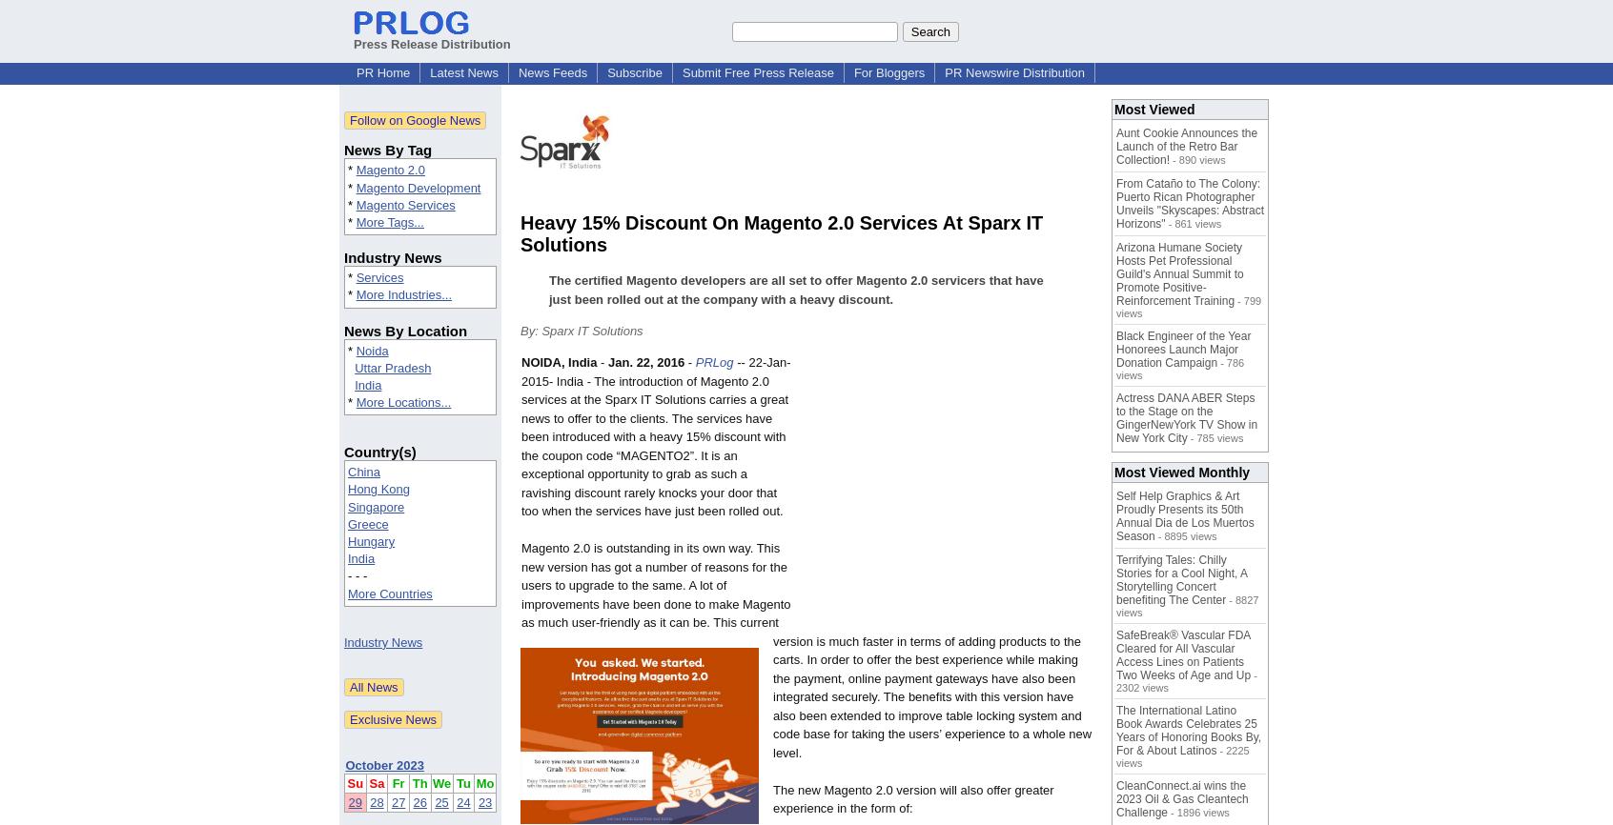 The width and height of the screenshot is (1613, 825). I want to click on 'Aunt Cookie Announces the Launch of the Retro Bar Collection!', so click(1186, 146).